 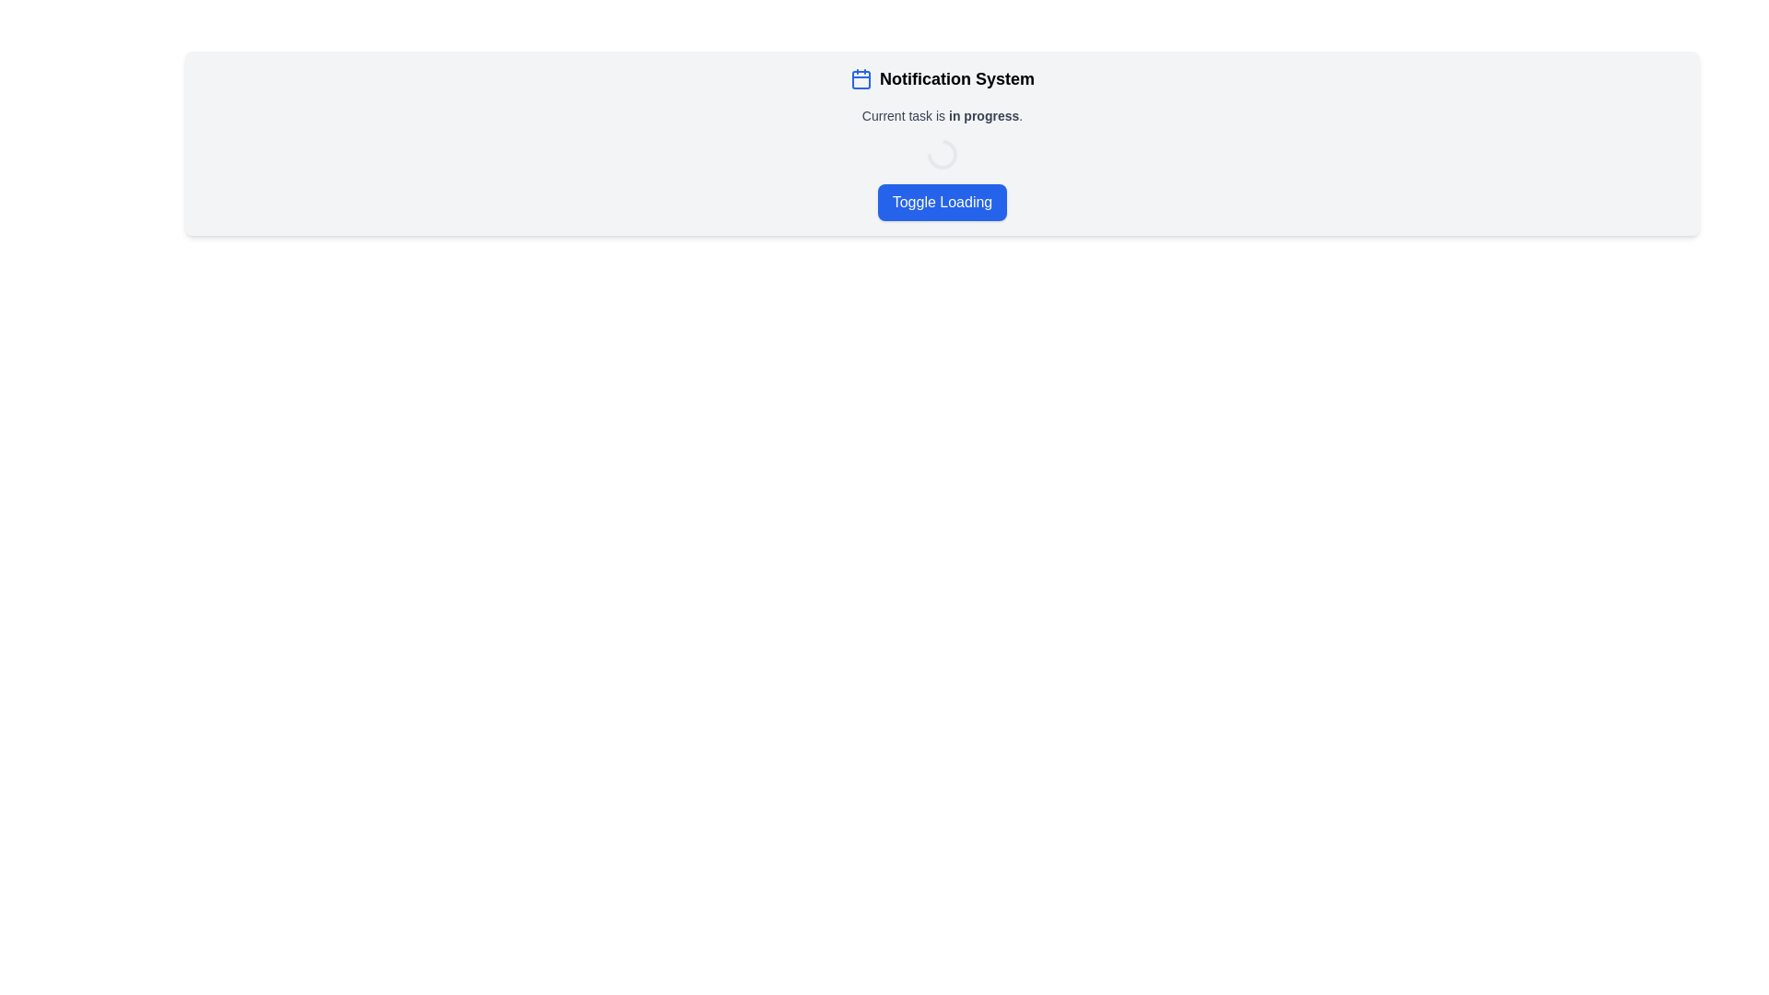 I want to click on the SVG rectangle representing a segment of the calendar icon, which is centrally positioned within the calendar layout, so click(x=861, y=79).